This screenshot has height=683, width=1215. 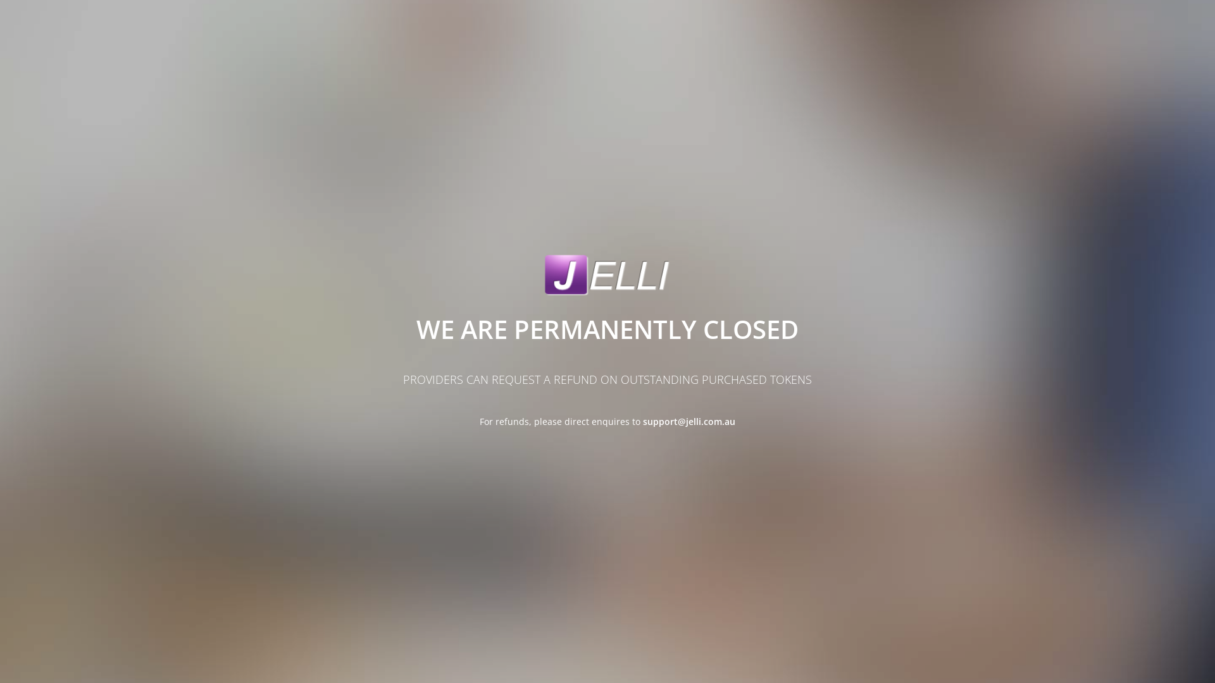 What do you see at coordinates (688, 421) in the screenshot?
I see `'support@jelli.com.au'` at bounding box center [688, 421].